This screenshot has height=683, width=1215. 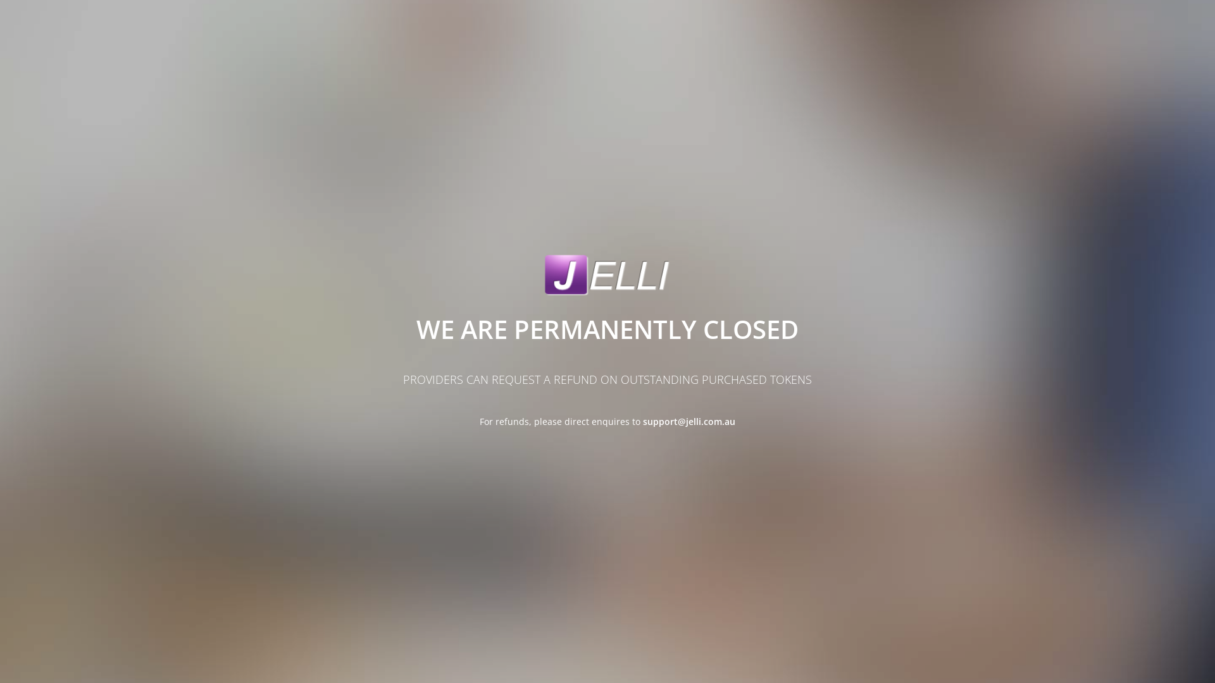 What do you see at coordinates (688, 421) in the screenshot?
I see `'support@jelli.com.au'` at bounding box center [688, 421].